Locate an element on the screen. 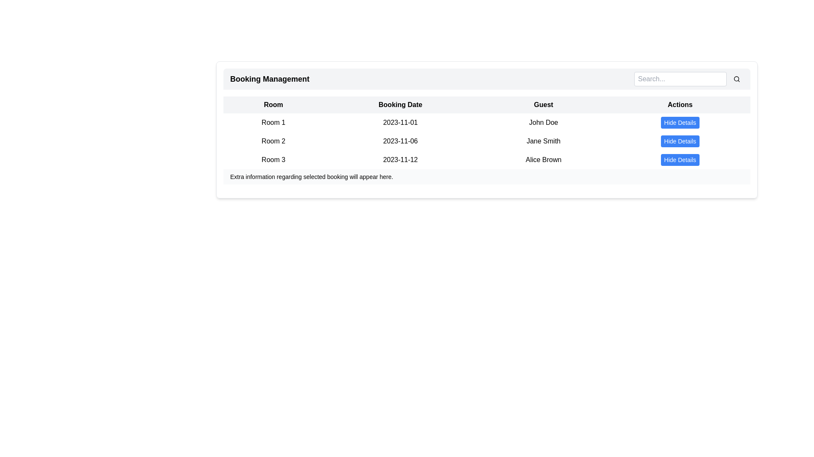 Image resolution: width=814 pixels, height=457 pixels. the 'Actions' text label displayed in bold font with a light gray background, which serves as a header for the corresponding column is located at coordinates (680, 104).